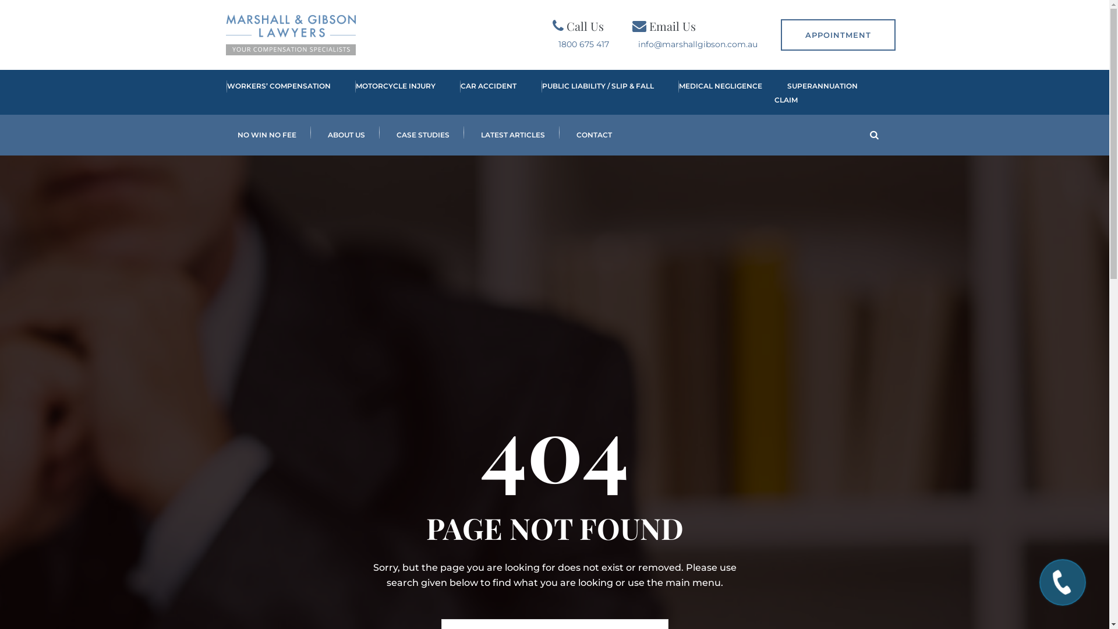 The image size is (1118, 629). What do you see at coordinates (482, 92) in the screenshot?
I see `'CAR ACCIDENT'` at bounding box center [482, 92].